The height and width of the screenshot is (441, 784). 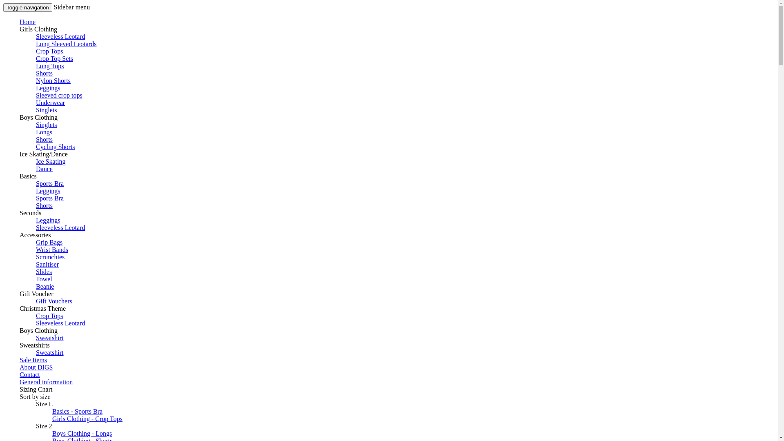 I want to click on 'Sports Bra', so click(x=49, y=198).